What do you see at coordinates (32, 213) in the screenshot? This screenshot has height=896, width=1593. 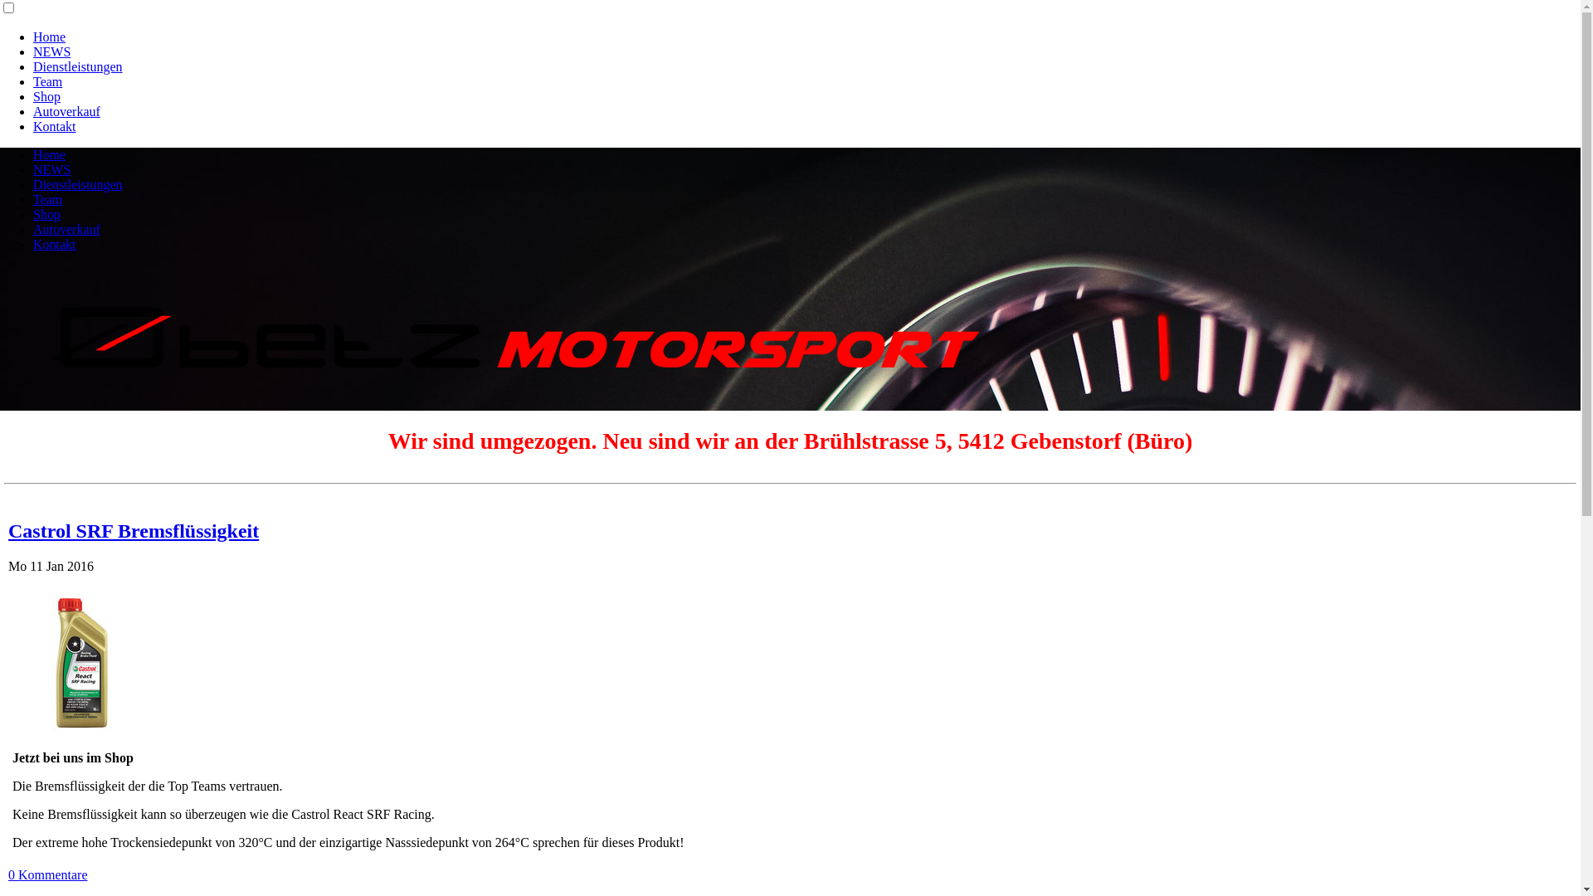 I see `'Shop'` at bounding box center [32, 213].